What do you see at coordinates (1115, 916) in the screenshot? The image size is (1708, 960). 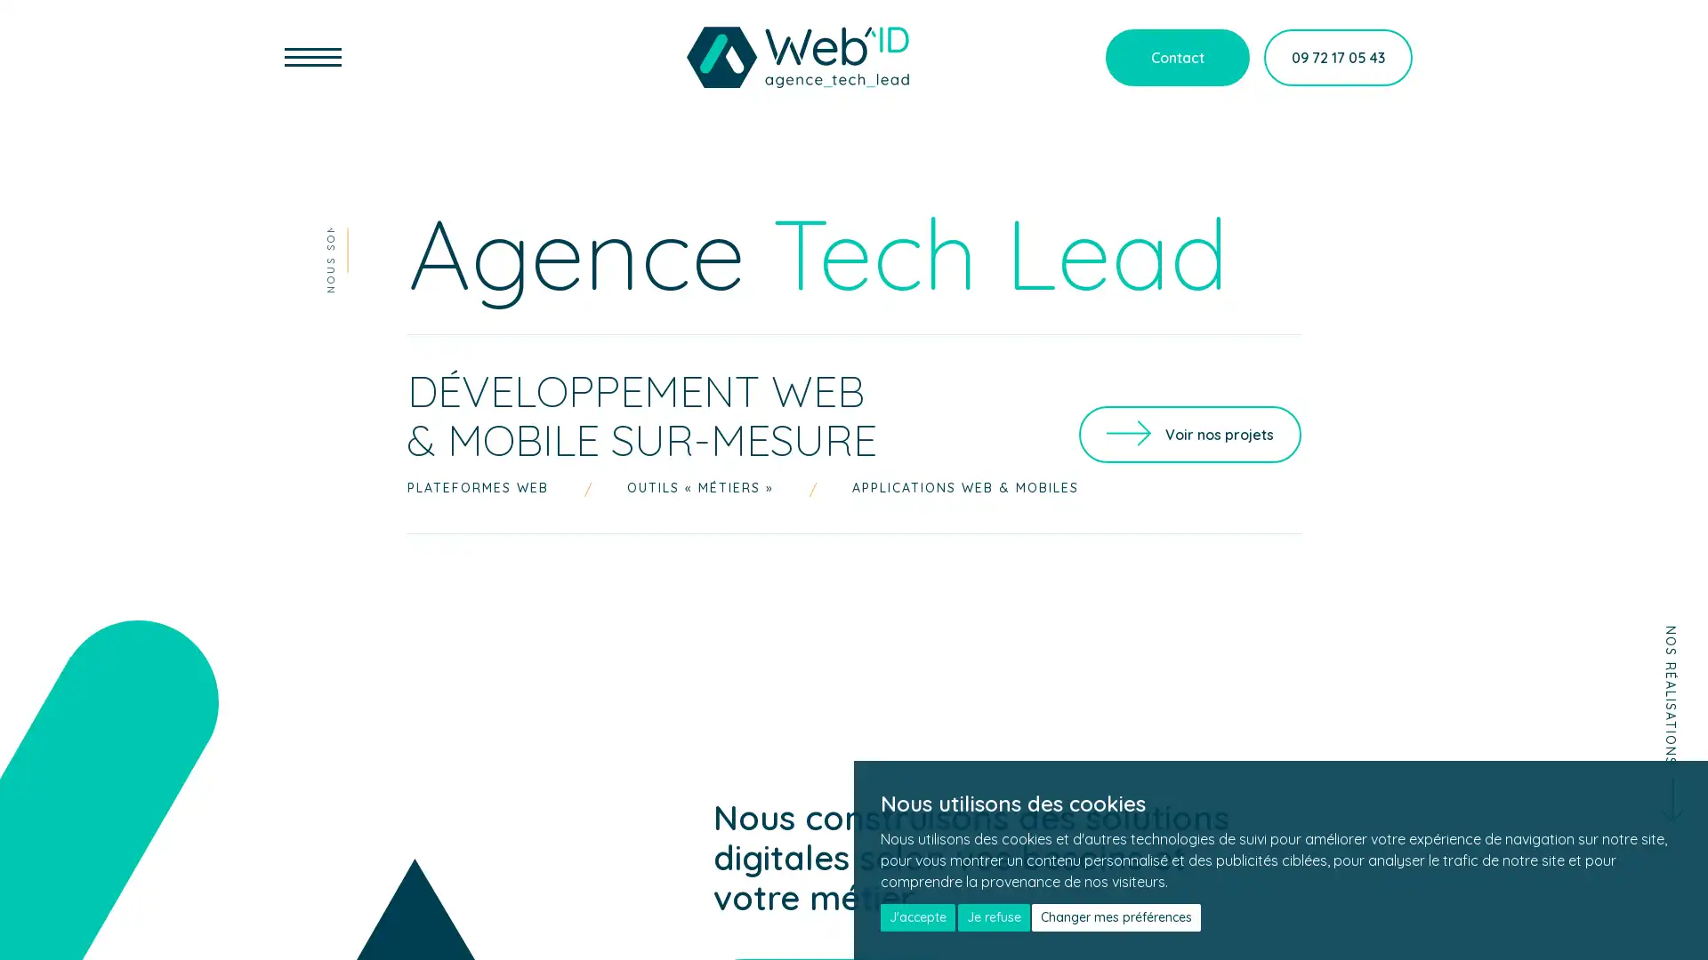 I see `Changer mes preferences` at bounding box center [1115, 916].